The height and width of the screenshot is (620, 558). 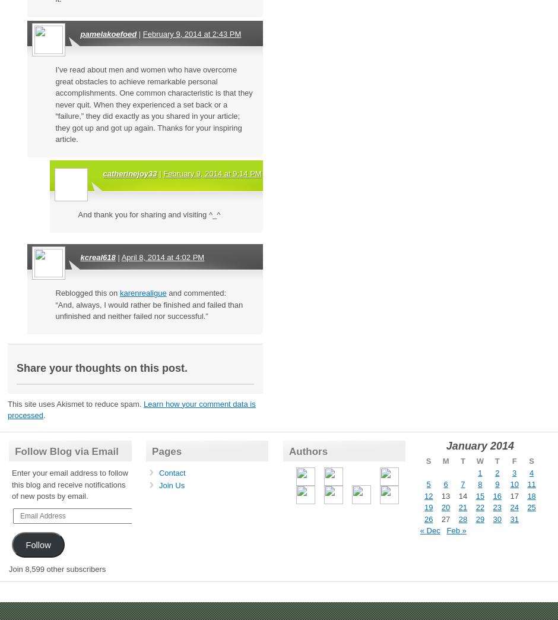 I want to click on 'And thank you for sharing and visiting ^_^', so click(x=77, y=214).